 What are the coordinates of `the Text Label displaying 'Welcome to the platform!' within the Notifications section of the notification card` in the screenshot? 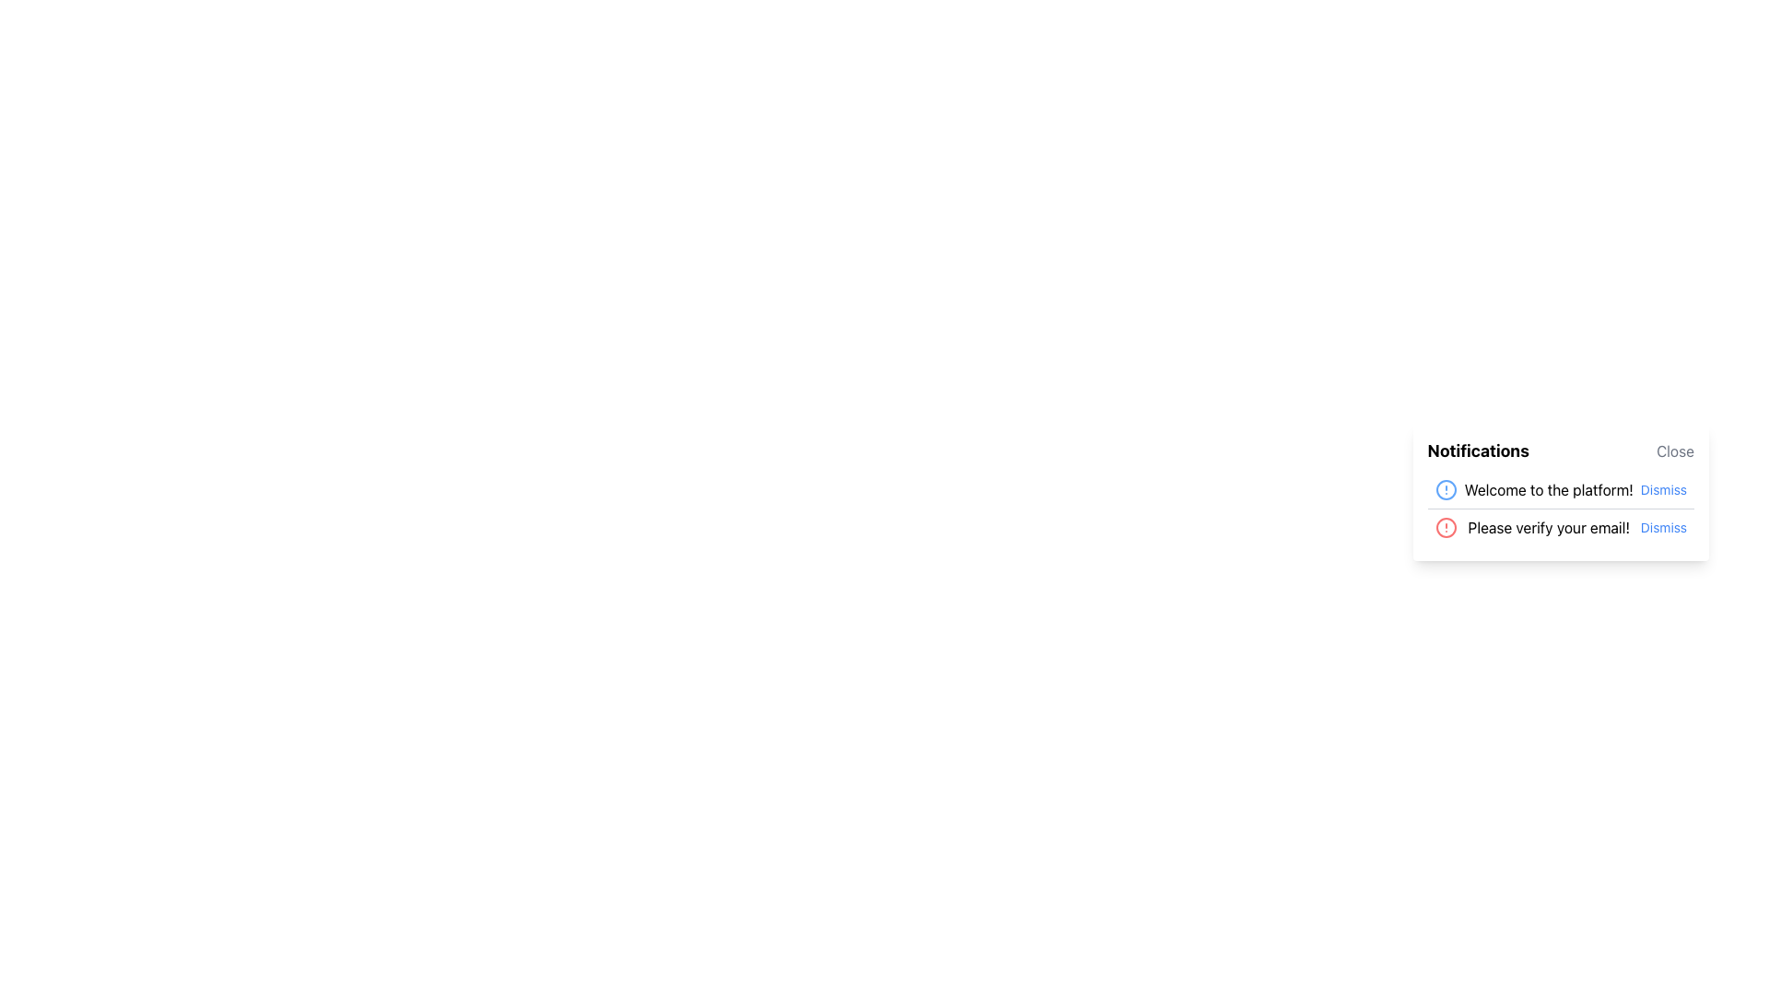 It's located at (1548, 489).